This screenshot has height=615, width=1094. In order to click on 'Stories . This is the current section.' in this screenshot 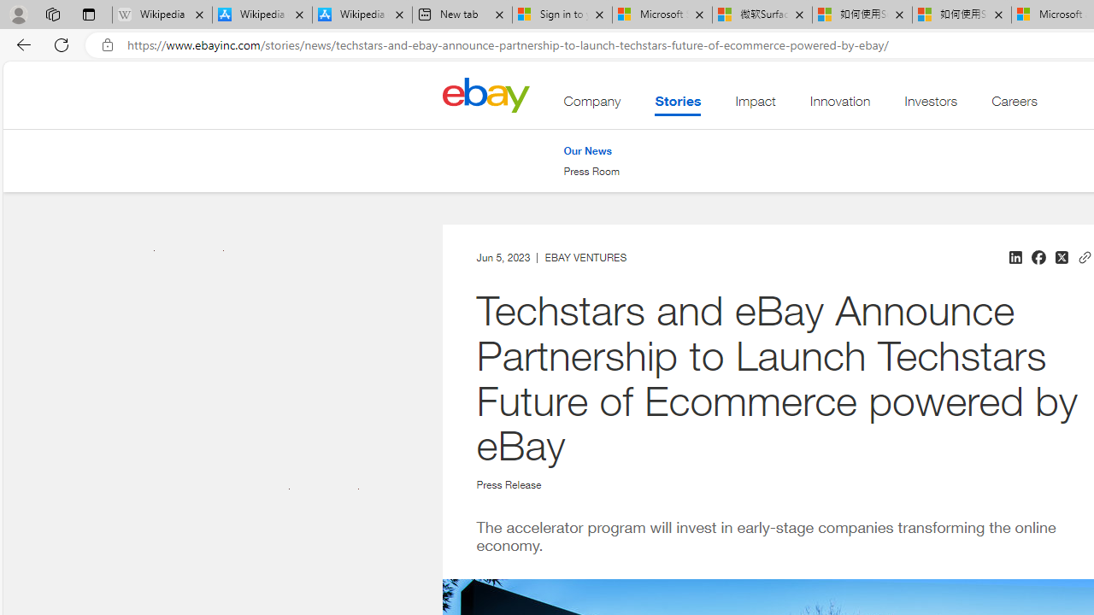, I will do `click(676, 105)`.